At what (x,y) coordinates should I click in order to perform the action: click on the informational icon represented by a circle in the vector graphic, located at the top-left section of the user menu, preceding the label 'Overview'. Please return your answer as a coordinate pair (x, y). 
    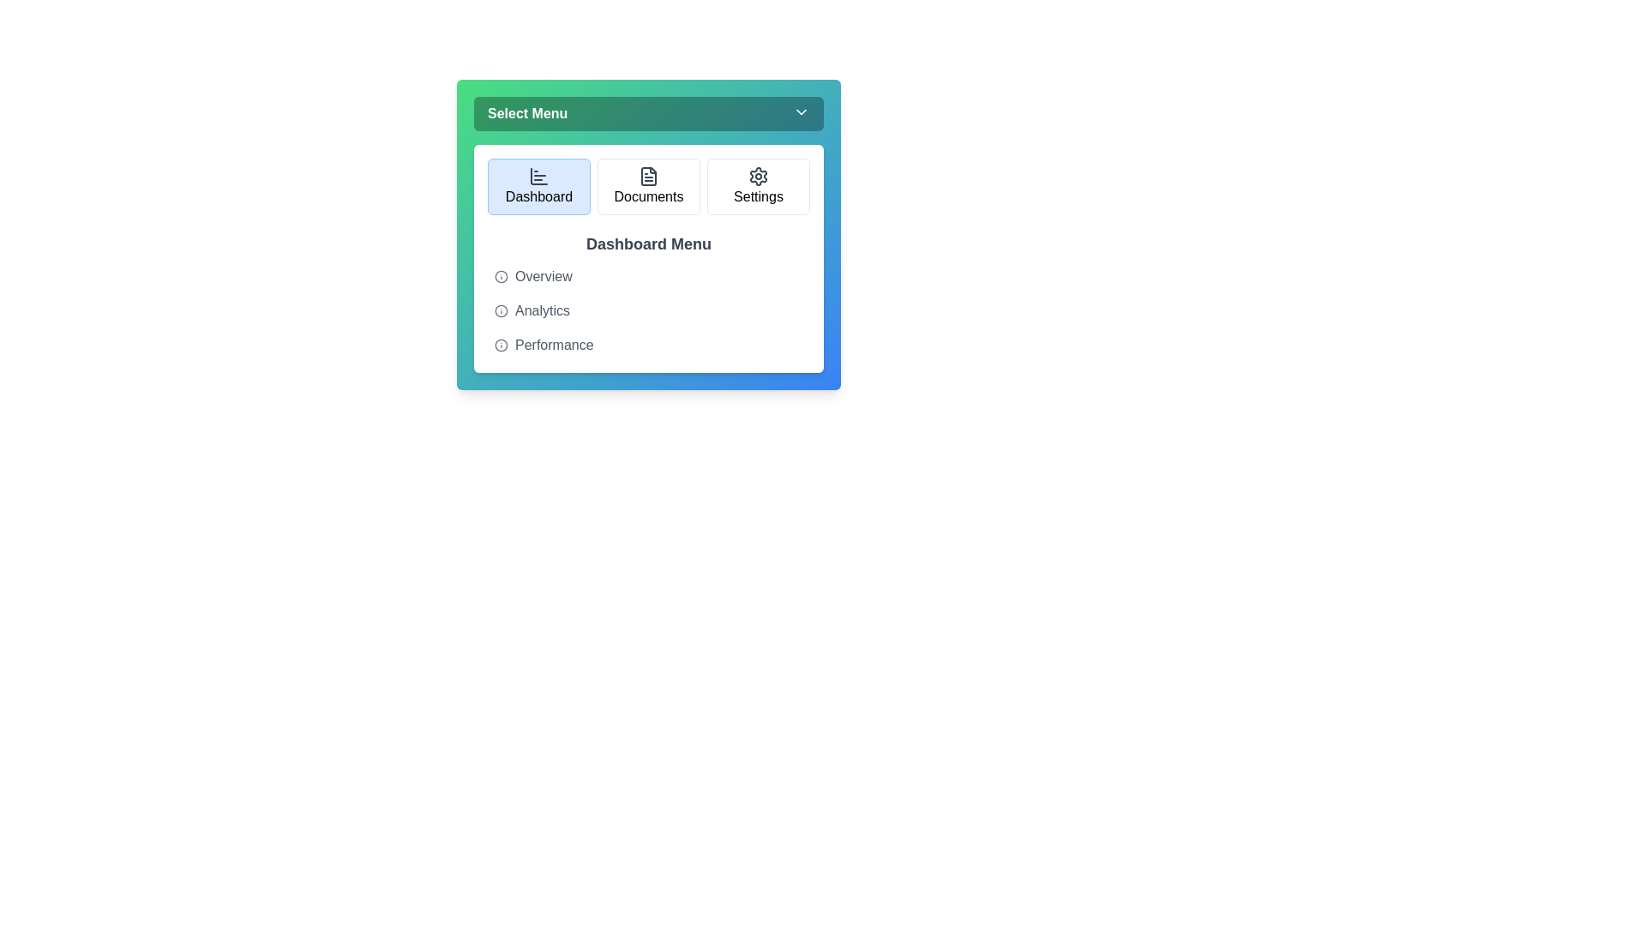
    Looking at the image, I should click on (501, 310).